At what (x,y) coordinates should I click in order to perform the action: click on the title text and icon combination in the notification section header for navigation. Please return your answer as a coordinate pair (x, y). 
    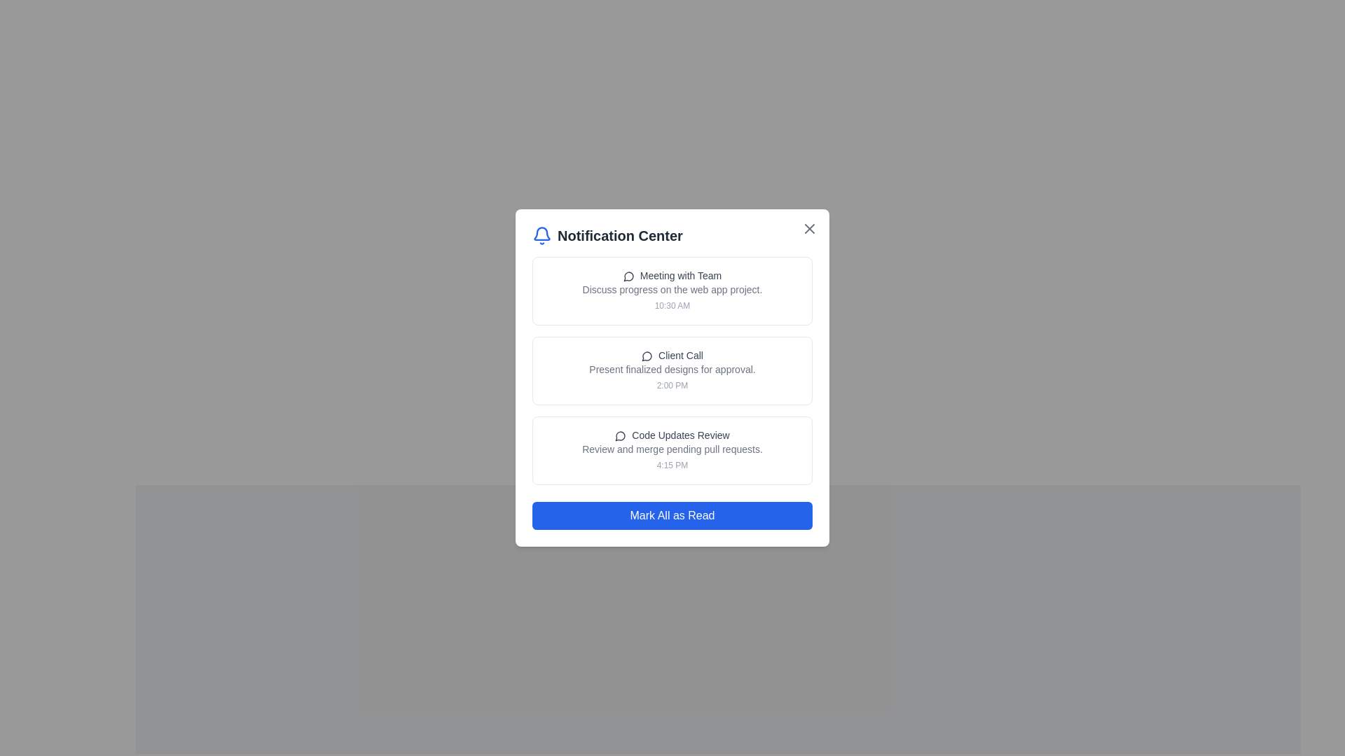
    Looking at the image, I should click on (672, 234).